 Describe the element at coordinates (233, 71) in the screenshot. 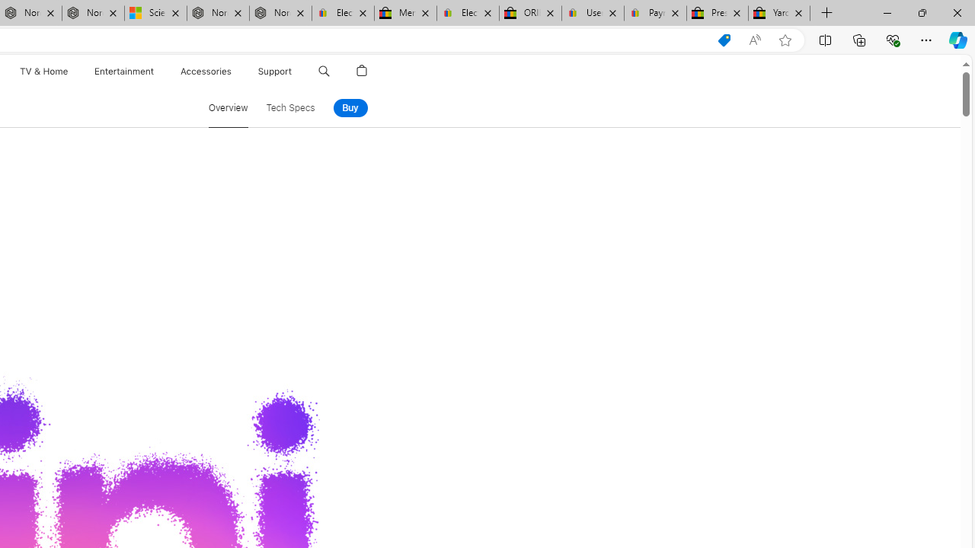

I see `'Accessories menu'` at that location.